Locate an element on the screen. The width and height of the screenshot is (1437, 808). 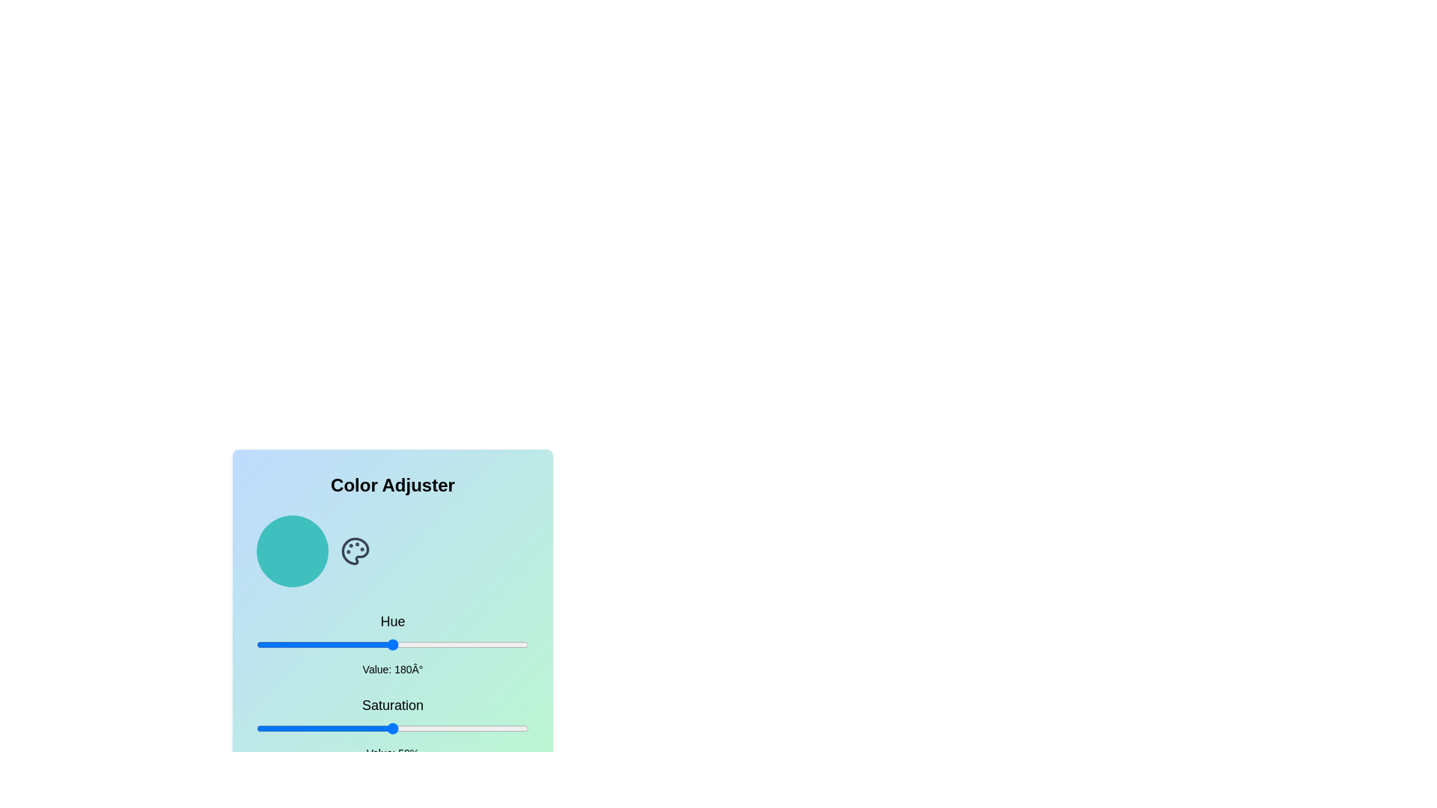
the color preview circle to activate or interact with it is located at coordinates (292, 551).